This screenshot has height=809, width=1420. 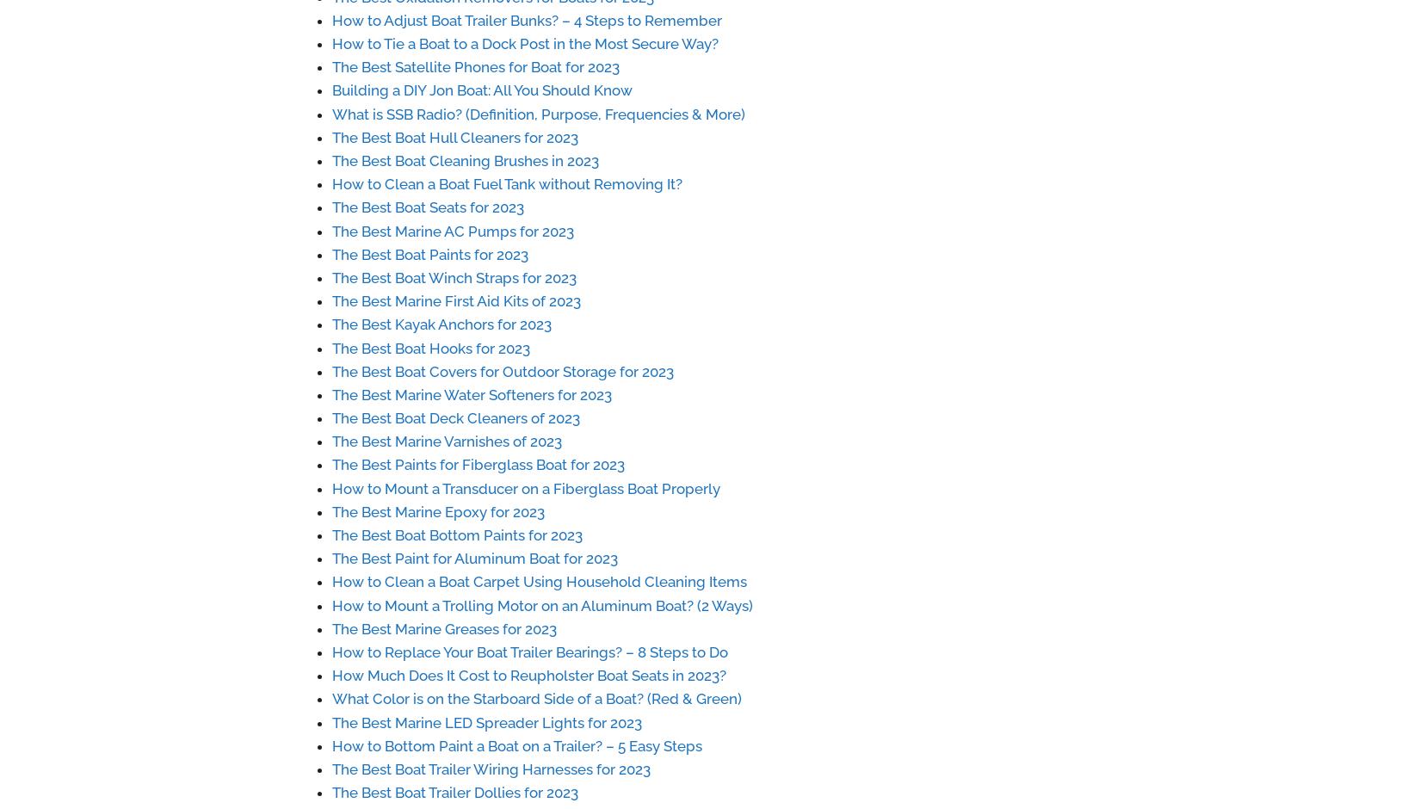 I want to click on 'How to Bottom Paint a Boat on a Trailer? – 5 Easy Steps', so click(x=516, y=745).